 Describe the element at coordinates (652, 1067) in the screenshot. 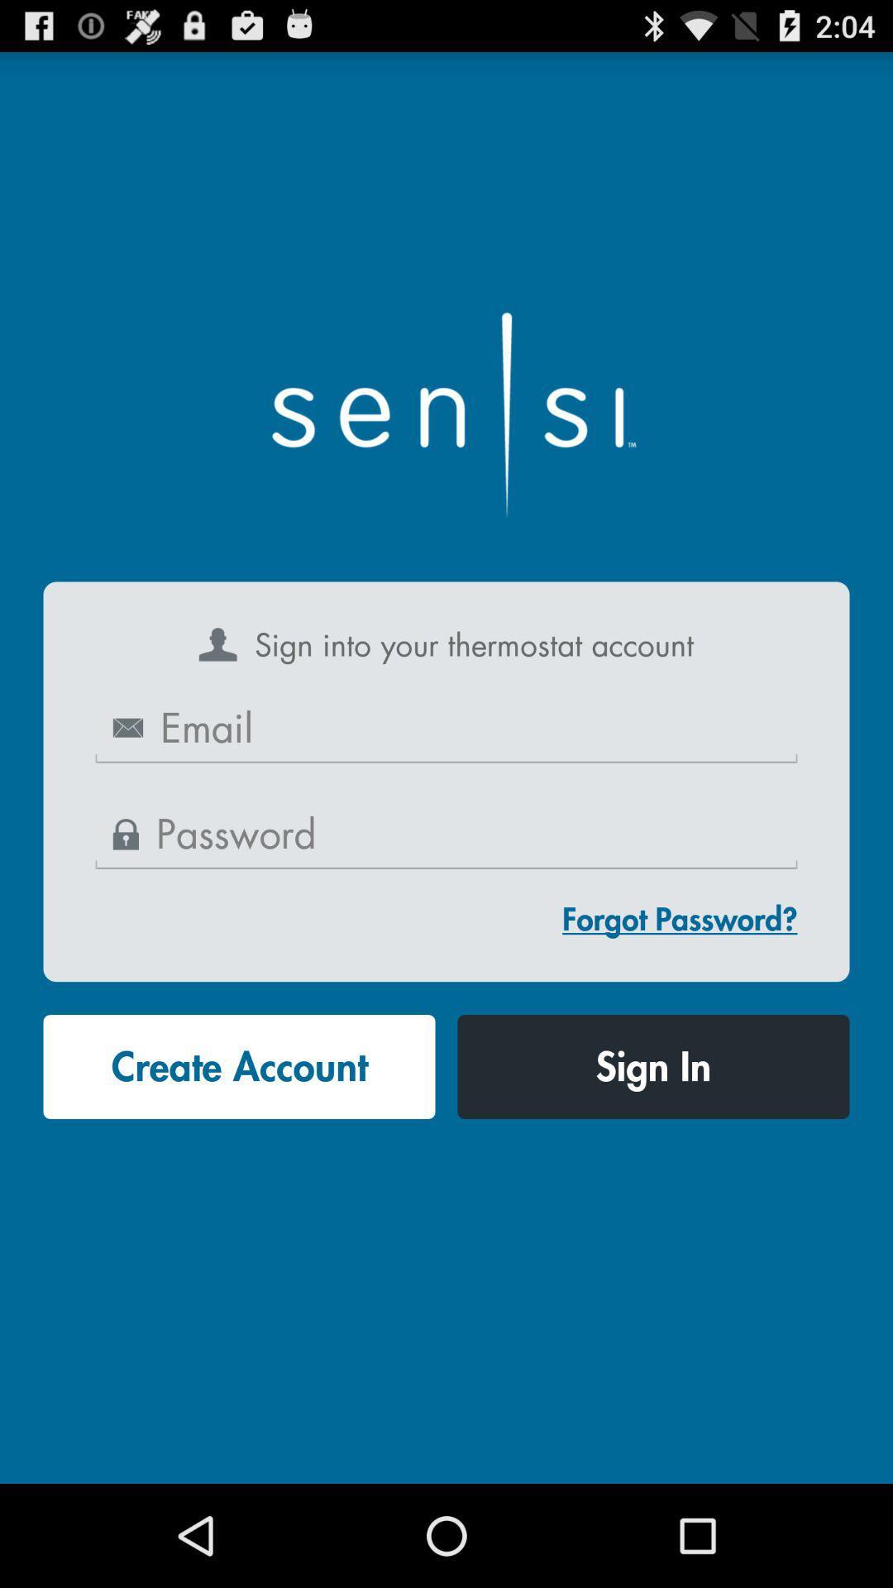

I see `button next to create account icon` at that location.